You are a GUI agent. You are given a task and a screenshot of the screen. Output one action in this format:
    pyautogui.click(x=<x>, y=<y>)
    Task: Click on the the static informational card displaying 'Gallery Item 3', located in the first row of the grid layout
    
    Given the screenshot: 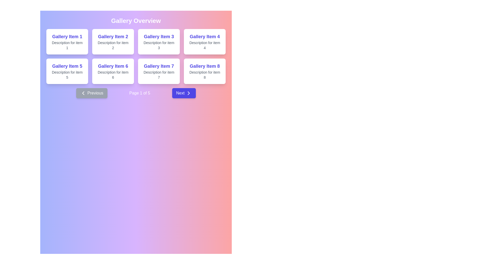 What is the action you would take?
    pyautogui.click(x=159, y=42)
    